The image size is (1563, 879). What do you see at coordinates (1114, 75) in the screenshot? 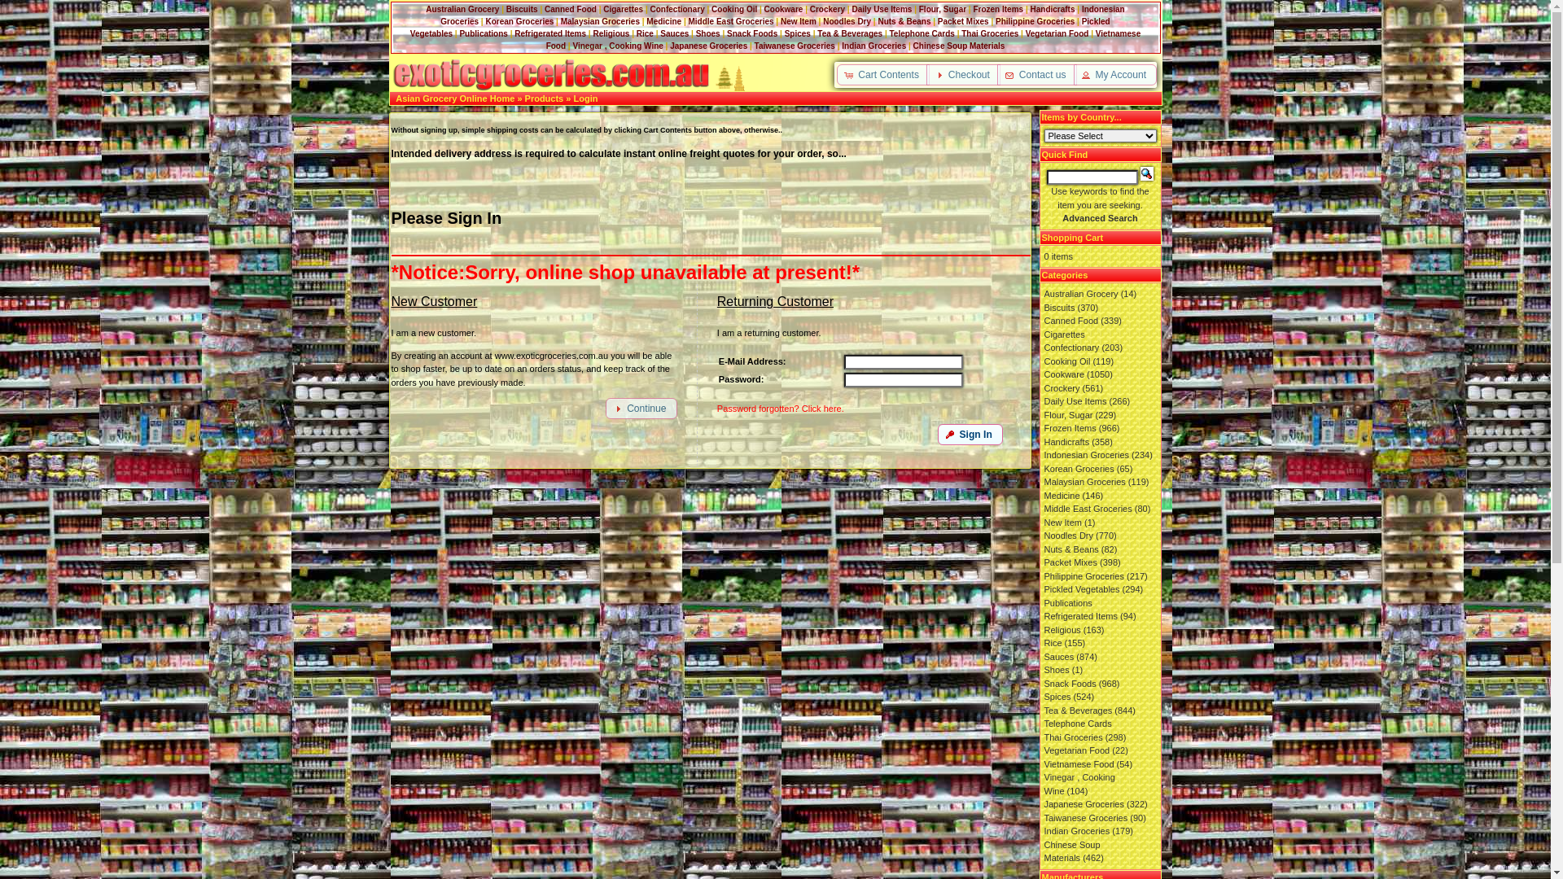
I see `'My Account'` at bounding box center [1114, 75].